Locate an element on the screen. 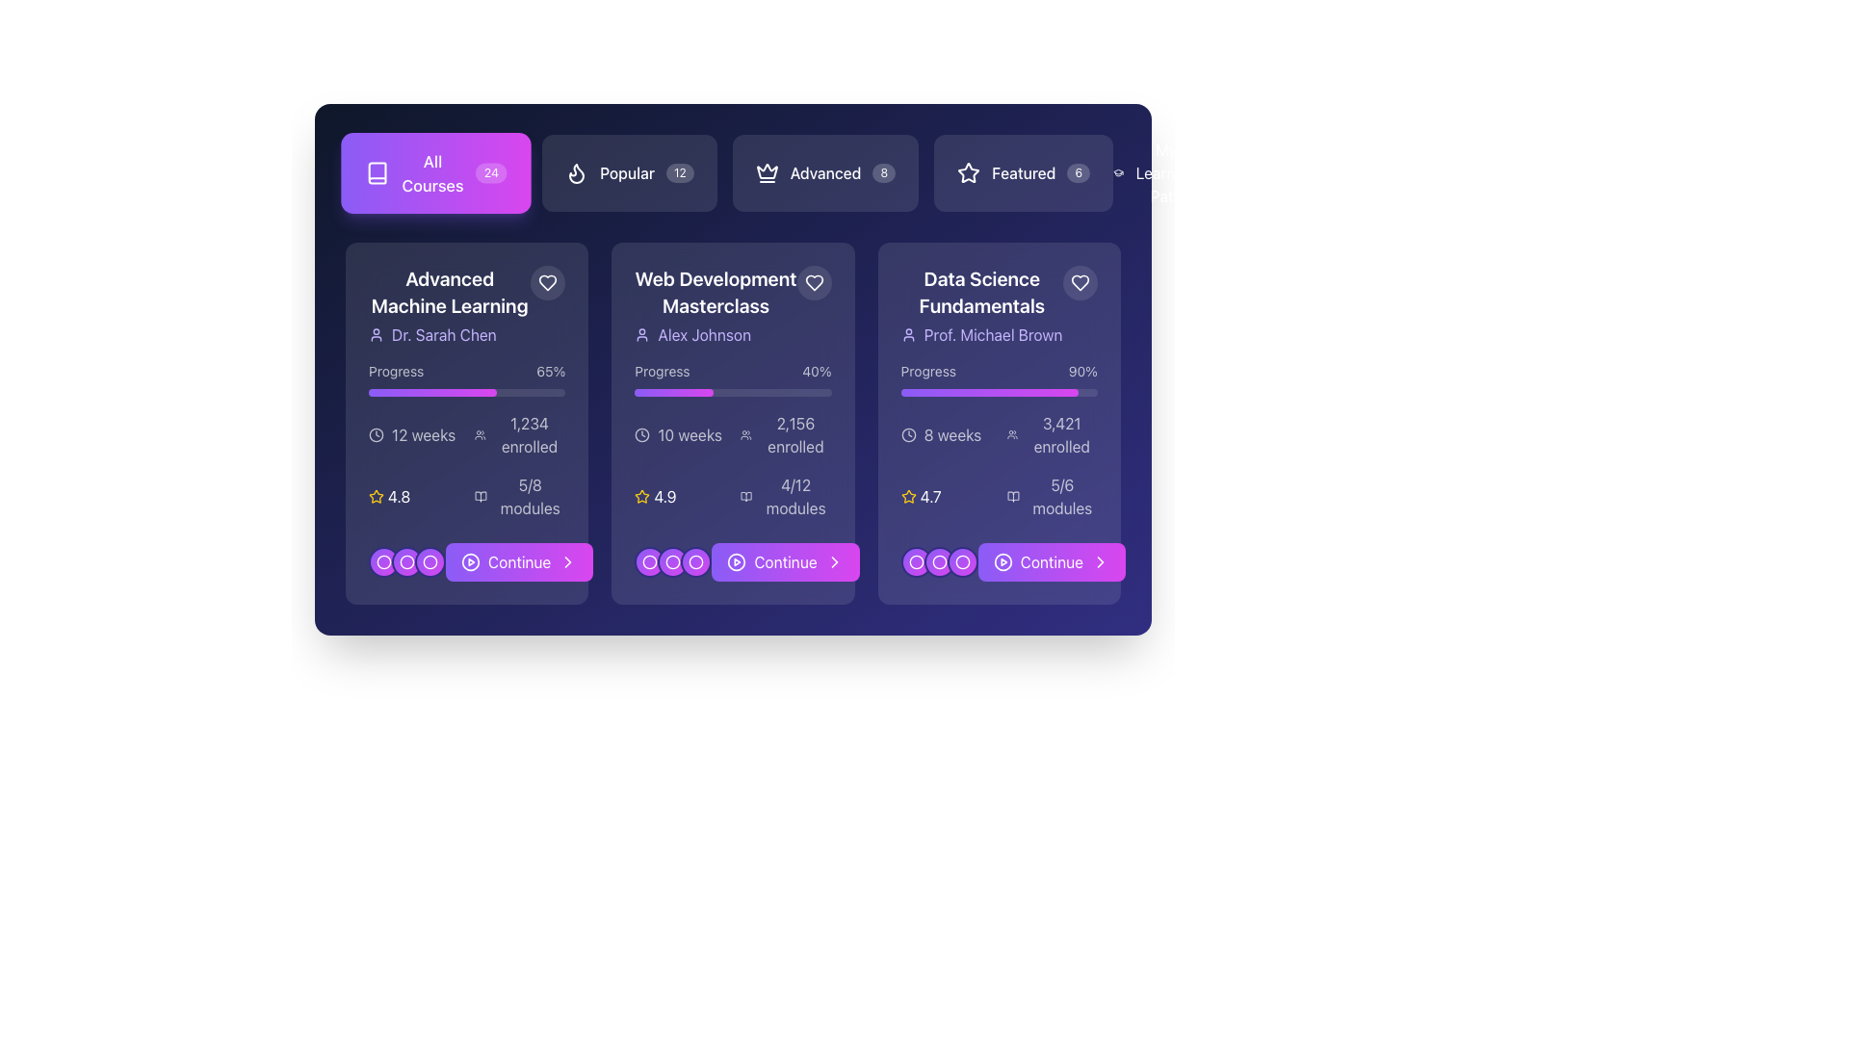  the course title label located at the top-left section of the first course card, which identifies the course and attributes it to the corresponding instructor is located at coordinates (467, 304).